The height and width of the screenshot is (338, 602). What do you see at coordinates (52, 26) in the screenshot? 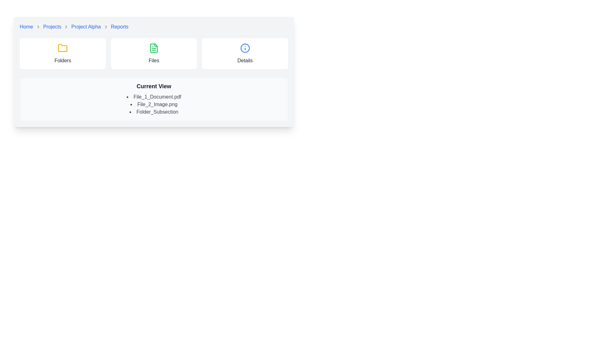
I see `the 'Projects' link in the breadcrumb navigation bar` at bounding box center [52, 26].